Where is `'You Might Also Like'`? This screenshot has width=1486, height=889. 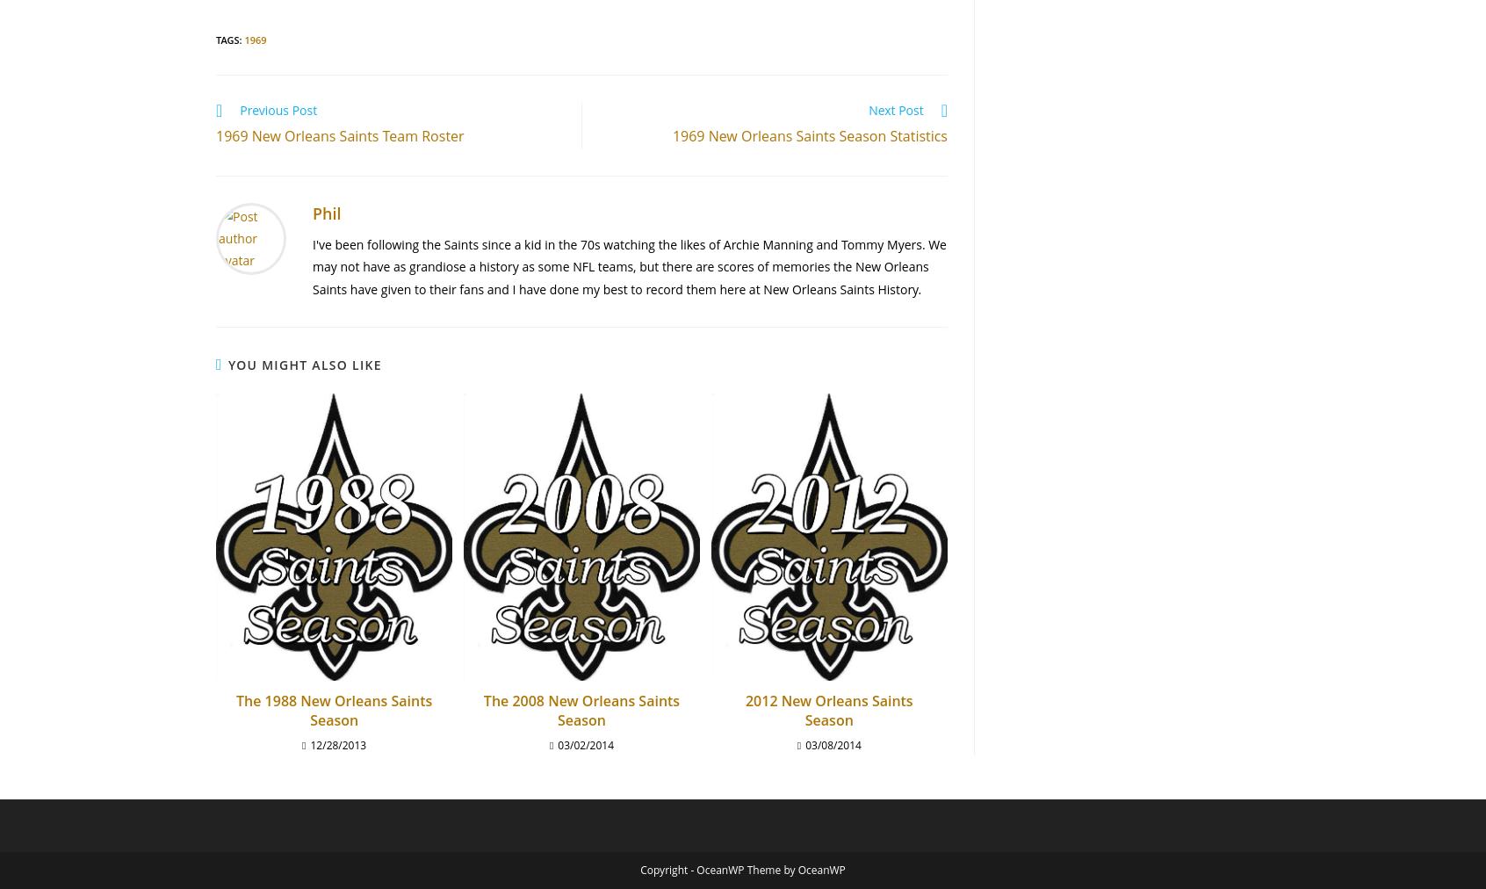 'You Might Also Like' is located at coordinates (227, 364).